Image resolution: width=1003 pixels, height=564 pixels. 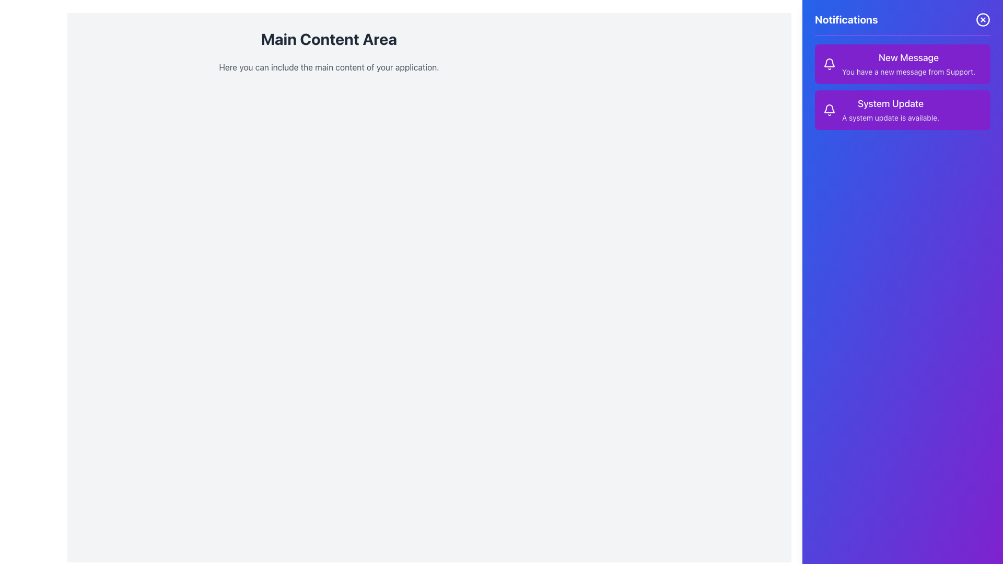 What do you see at coordinates (829, 109) in the screenshot?
I see `the bell-shaped notification icon located at the top section of the notification sidebar` at bounding box center [829, 109].